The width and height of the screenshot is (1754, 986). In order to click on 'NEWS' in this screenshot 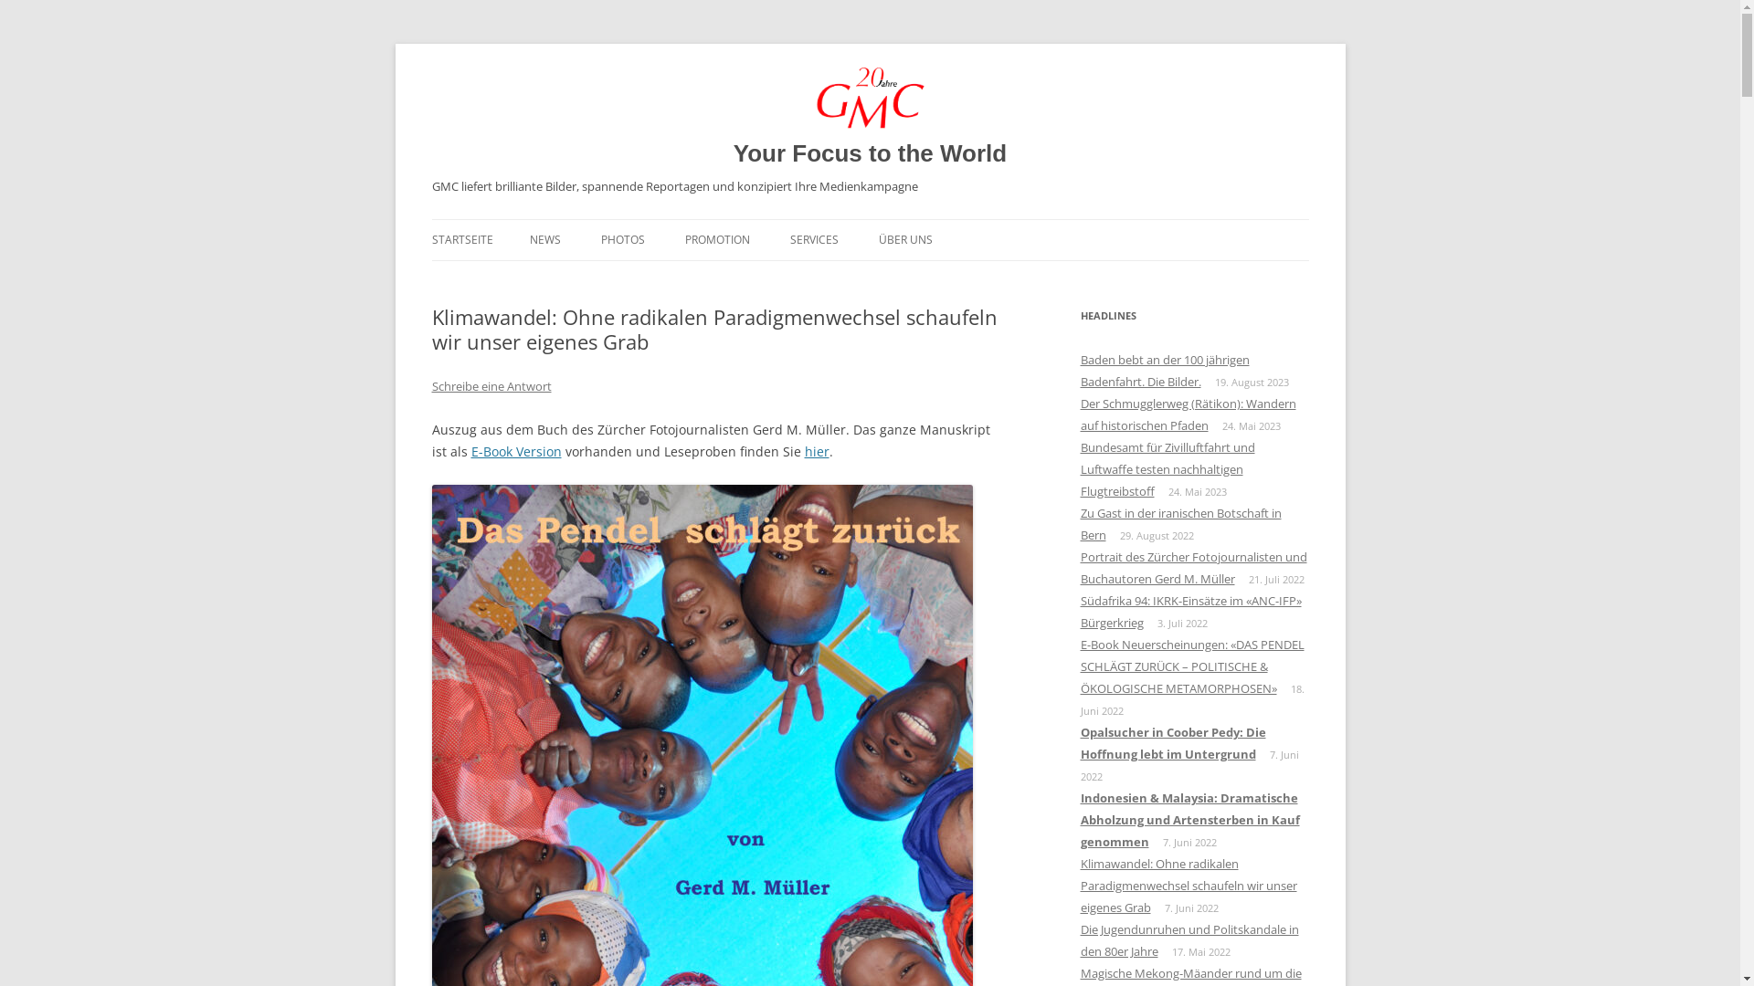, I will do `click(544, 238)`.